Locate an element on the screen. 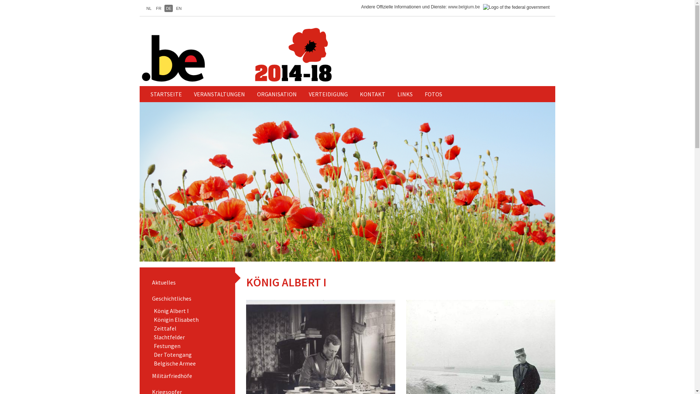 Image resolution: width=700 pixels, height=394 pixels. 'Home' is located at coordinates (264, 54).